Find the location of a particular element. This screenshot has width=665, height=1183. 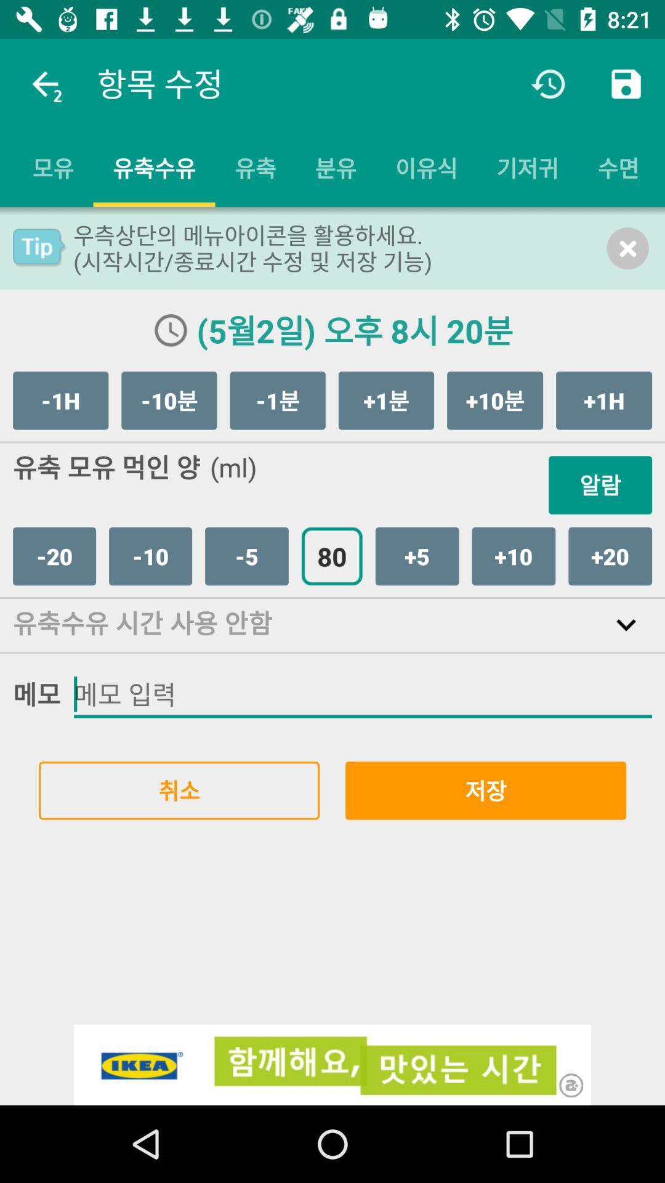

80 icon is located at coordinates (331, 555).